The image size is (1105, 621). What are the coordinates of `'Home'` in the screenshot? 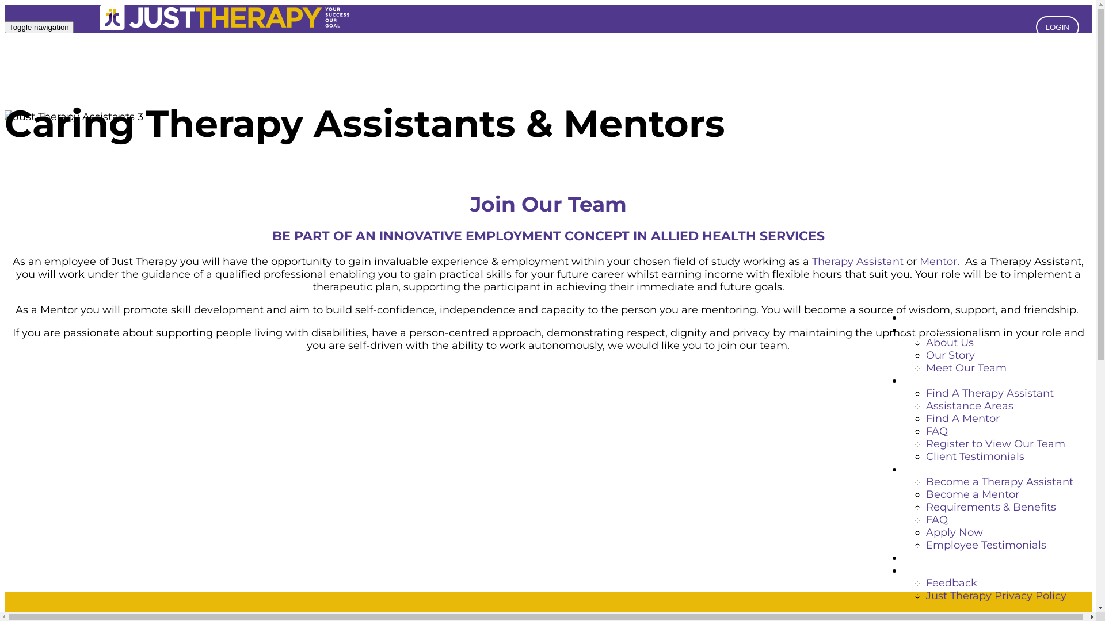 It's located at (919, 317).